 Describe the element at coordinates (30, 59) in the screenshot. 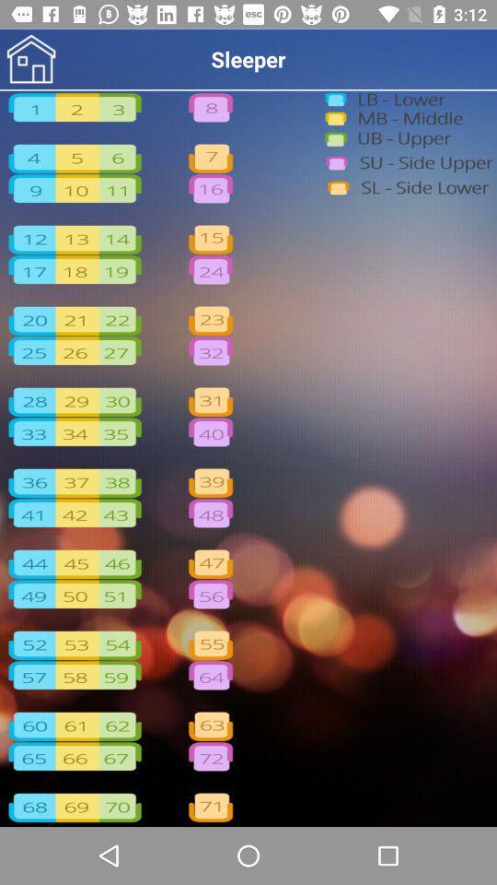

I see `the home icon` at that location.